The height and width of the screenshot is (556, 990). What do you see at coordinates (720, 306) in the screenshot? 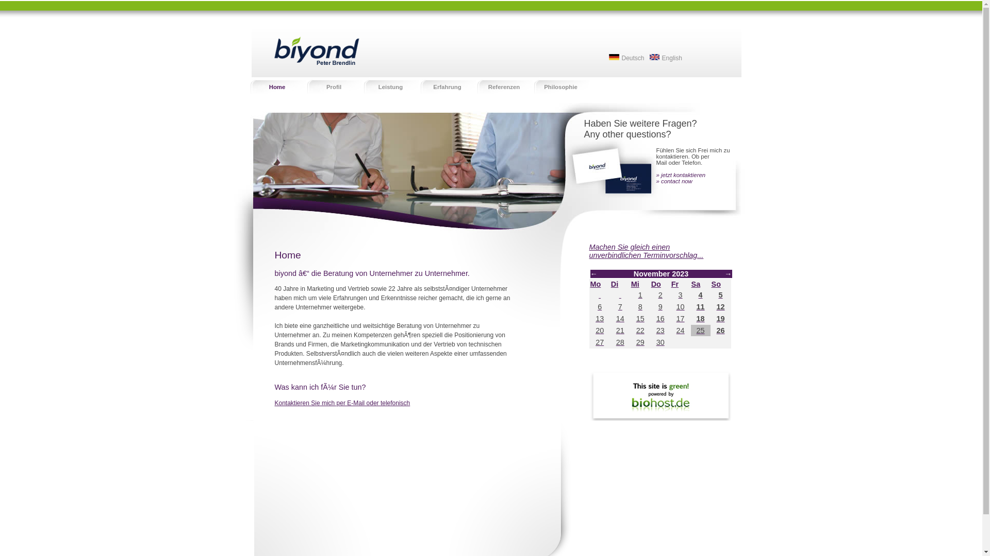
I see `'12'` at bounding box center [720, 306].